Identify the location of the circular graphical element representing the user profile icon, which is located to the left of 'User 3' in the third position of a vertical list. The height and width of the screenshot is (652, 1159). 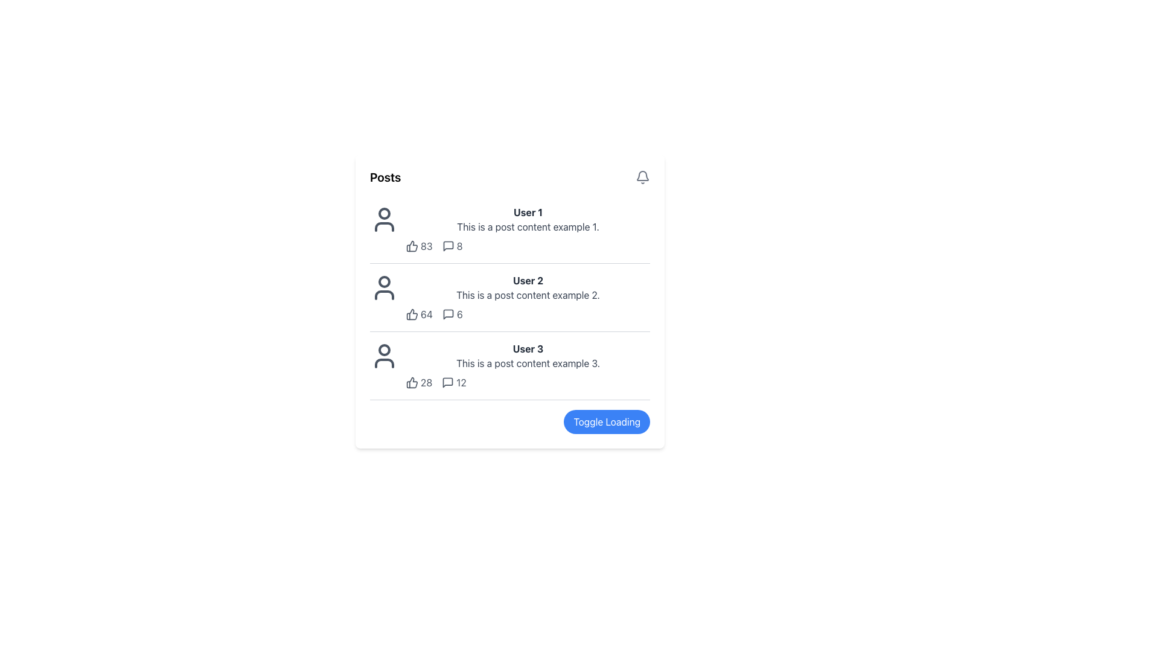
(384, 350).